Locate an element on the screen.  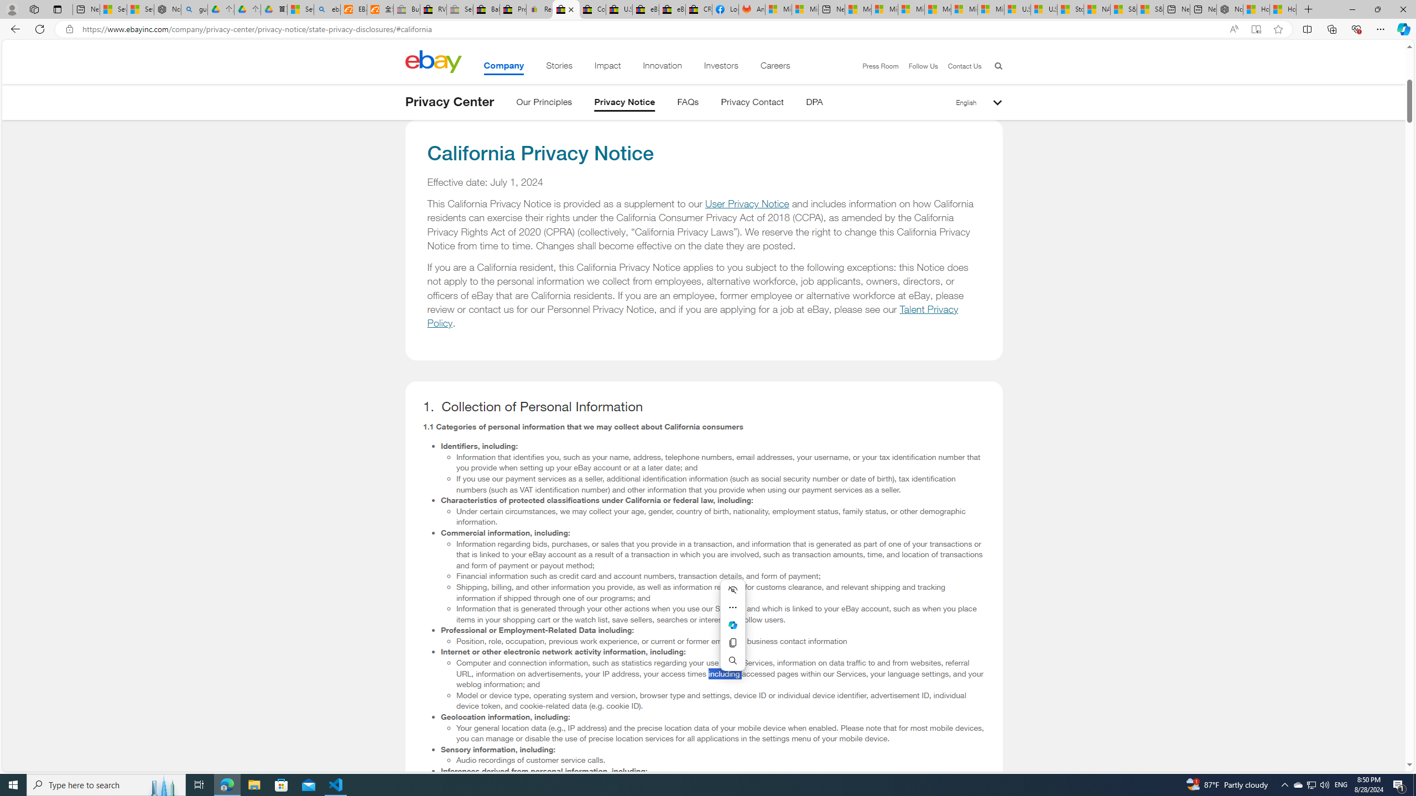
'Address and search bar' is located at coordinates (651, 29).